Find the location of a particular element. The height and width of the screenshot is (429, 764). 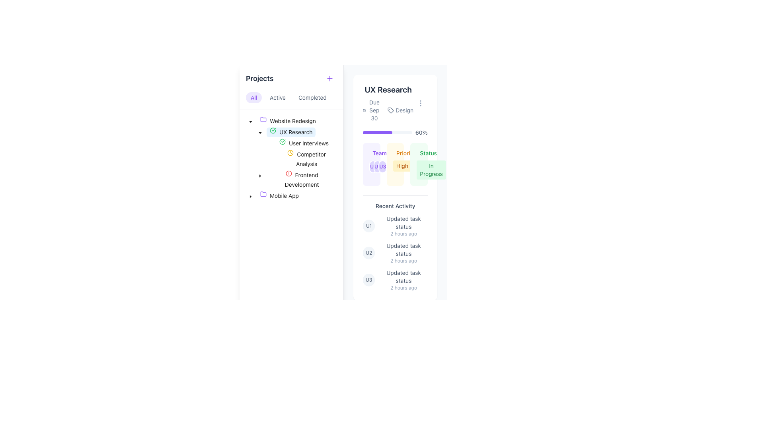

the text label that reads 'Updated task status' in the 'Recent Activity' section of the 'UX Research' panel is located at coordinates (403, 222).